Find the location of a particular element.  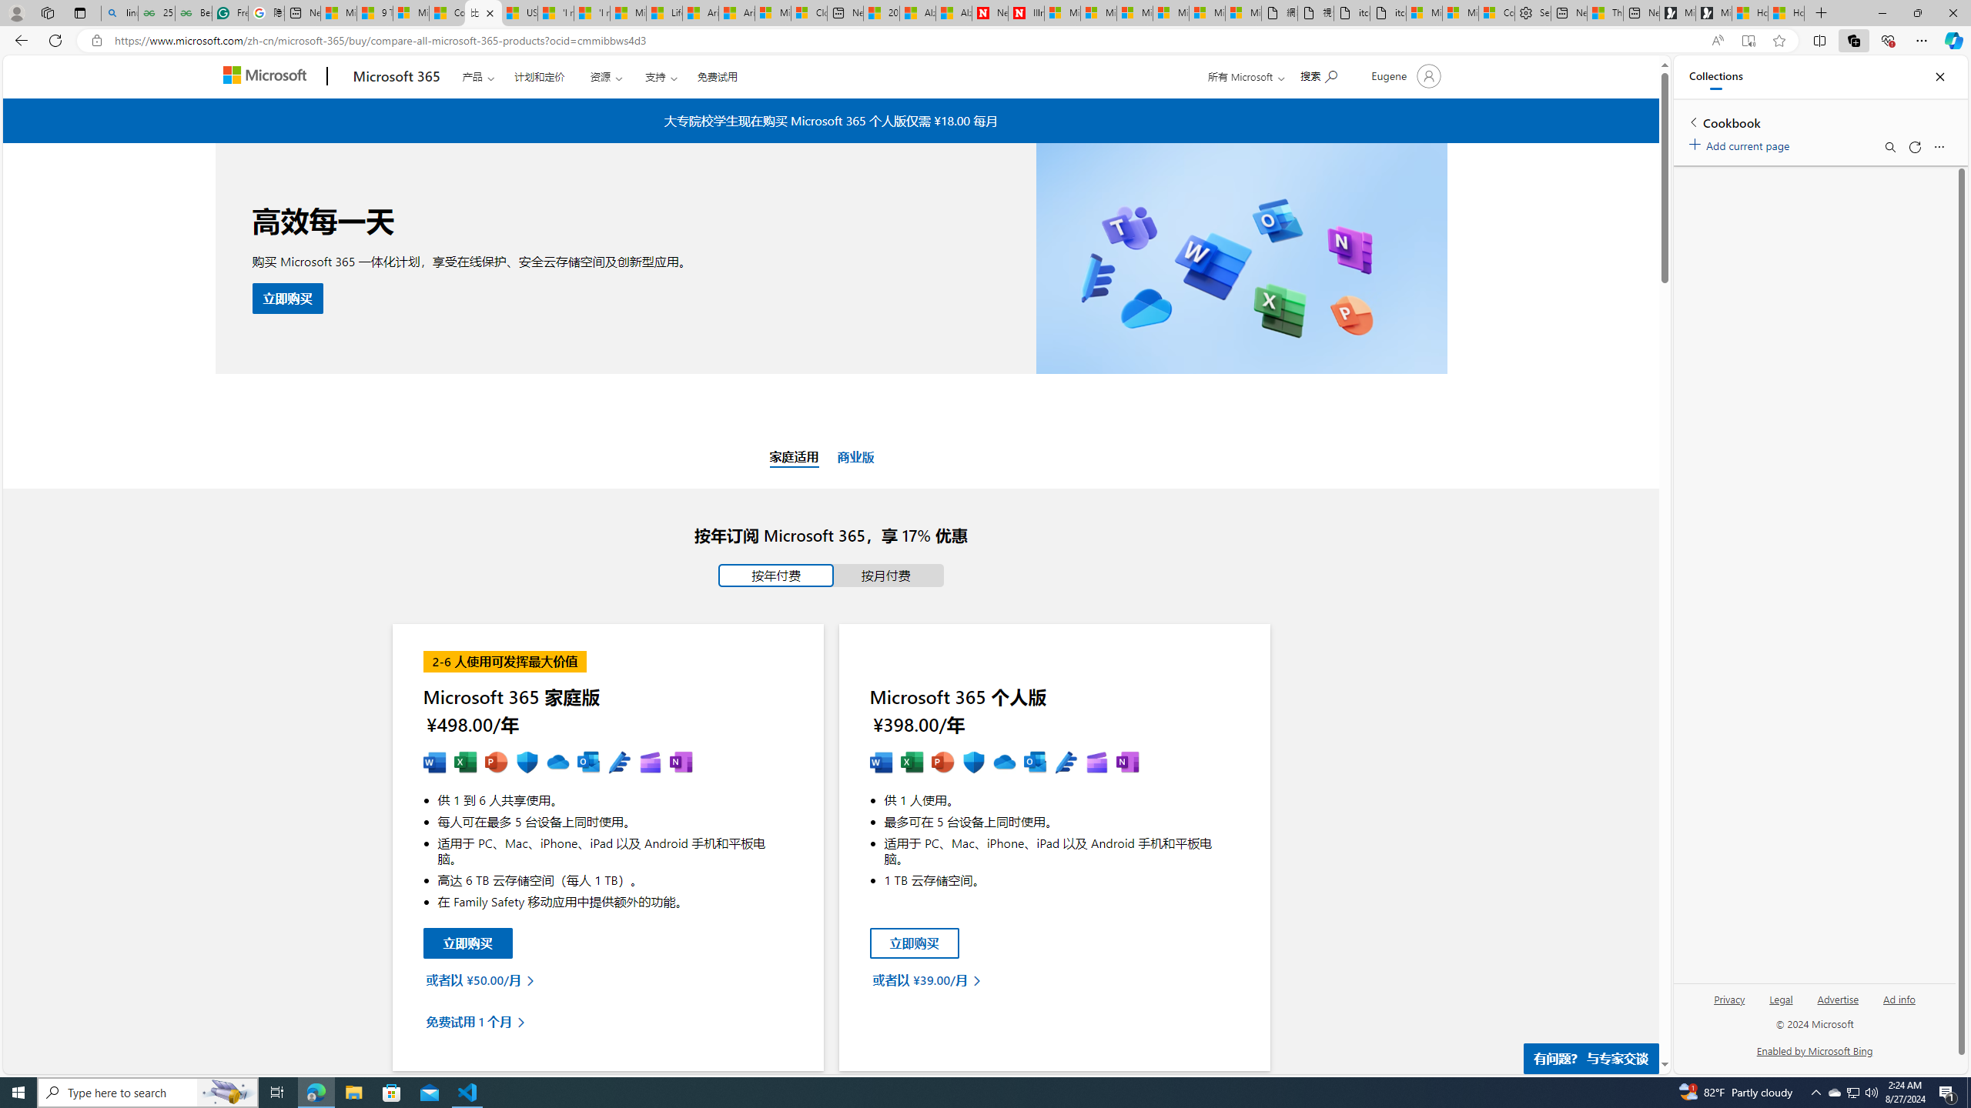

'MS Excel' is located at coordinates (912, 763).